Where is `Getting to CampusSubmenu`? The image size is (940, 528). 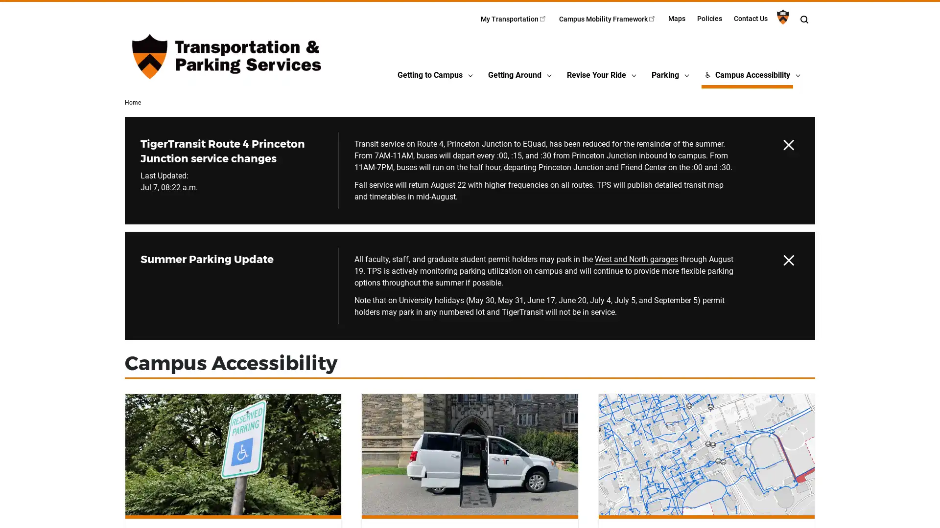 Getting to CampusSubmenu is located at coordinates (470, 75).